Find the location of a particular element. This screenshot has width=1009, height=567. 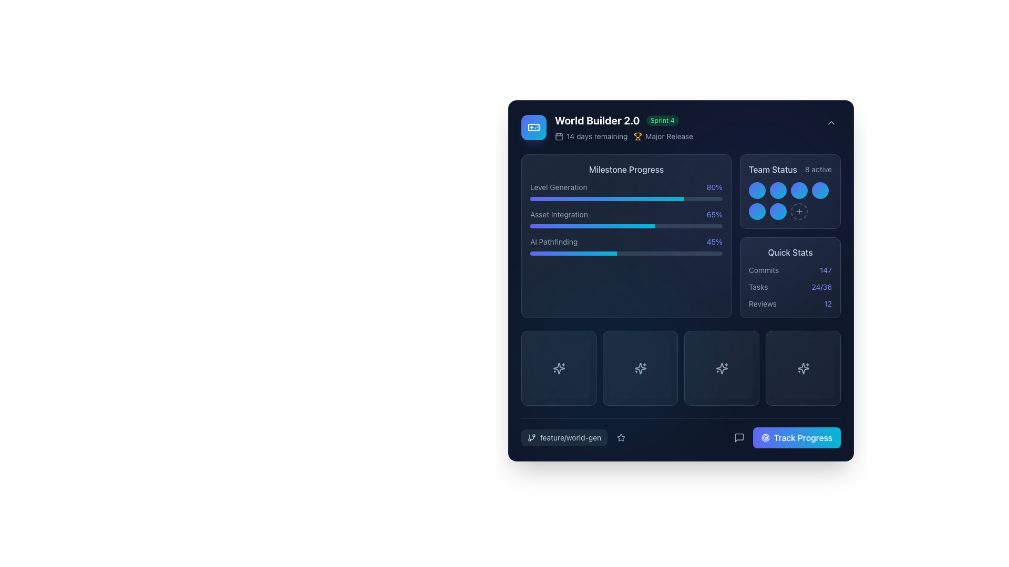

the second progress bar segment labeled under 'Milestone Progress' is located at coordinates (626, 218).